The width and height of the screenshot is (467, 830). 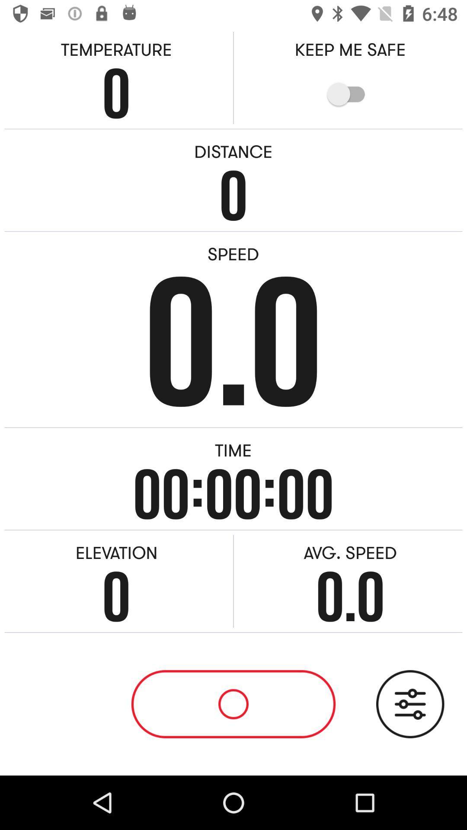 I want to click on settings, so click(x=409, y=704).